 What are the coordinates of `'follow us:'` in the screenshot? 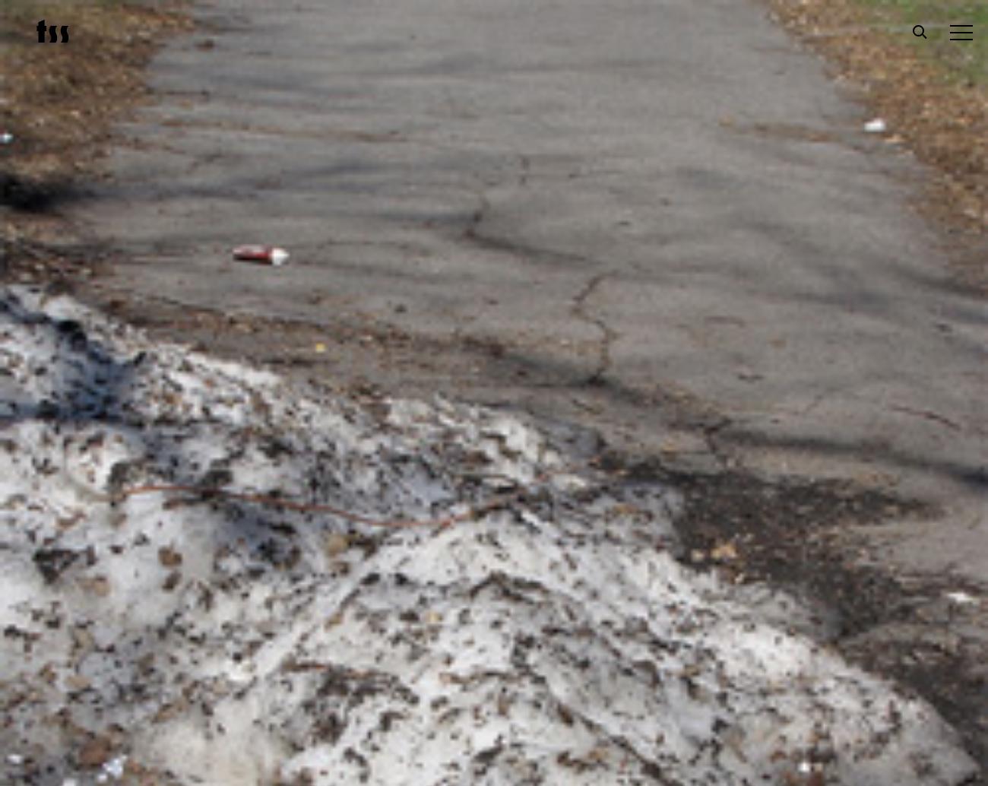 It's located at (372, 695).